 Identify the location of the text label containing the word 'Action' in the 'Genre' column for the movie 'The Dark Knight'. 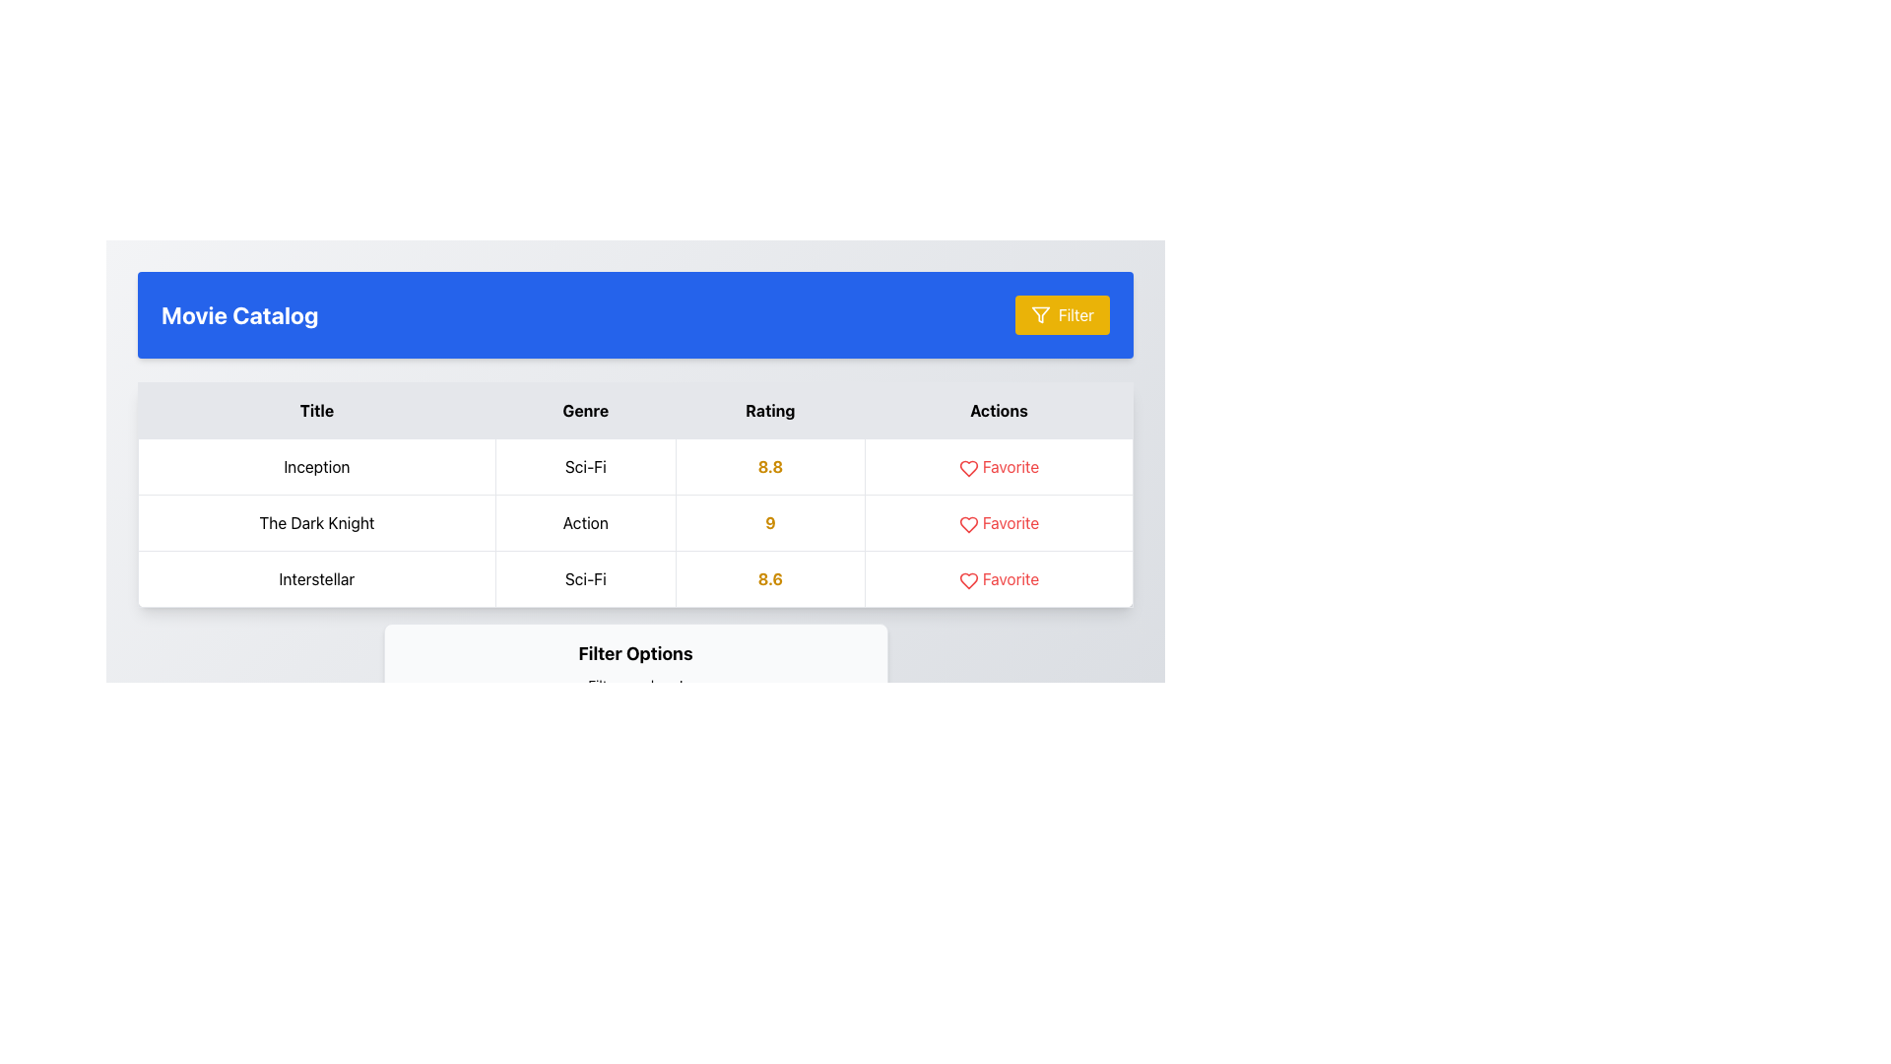
(584, 522).